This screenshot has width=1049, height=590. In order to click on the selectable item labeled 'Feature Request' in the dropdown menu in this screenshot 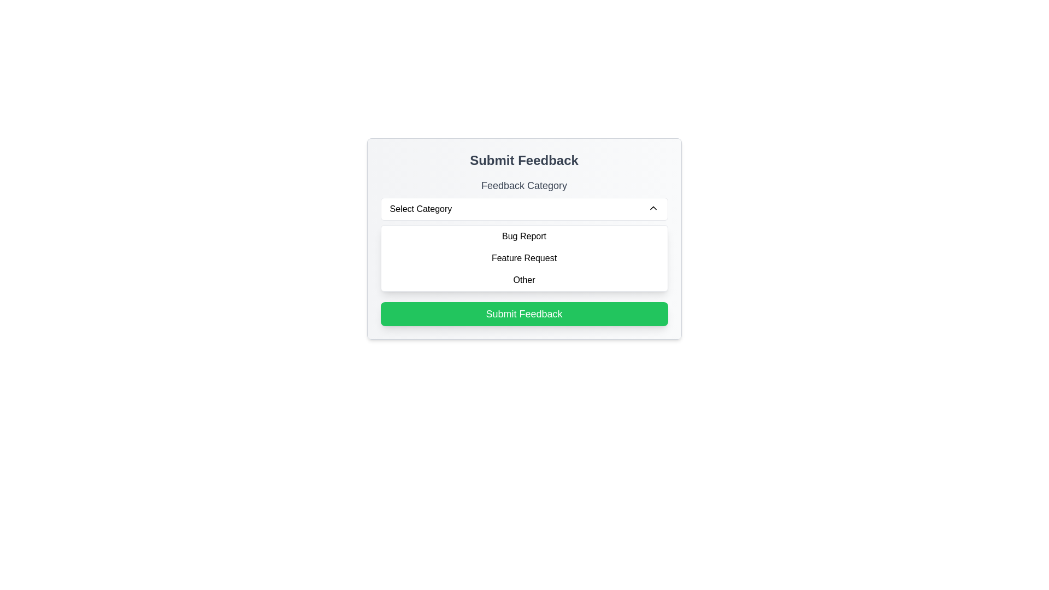, I will do `click(523, 258)`.